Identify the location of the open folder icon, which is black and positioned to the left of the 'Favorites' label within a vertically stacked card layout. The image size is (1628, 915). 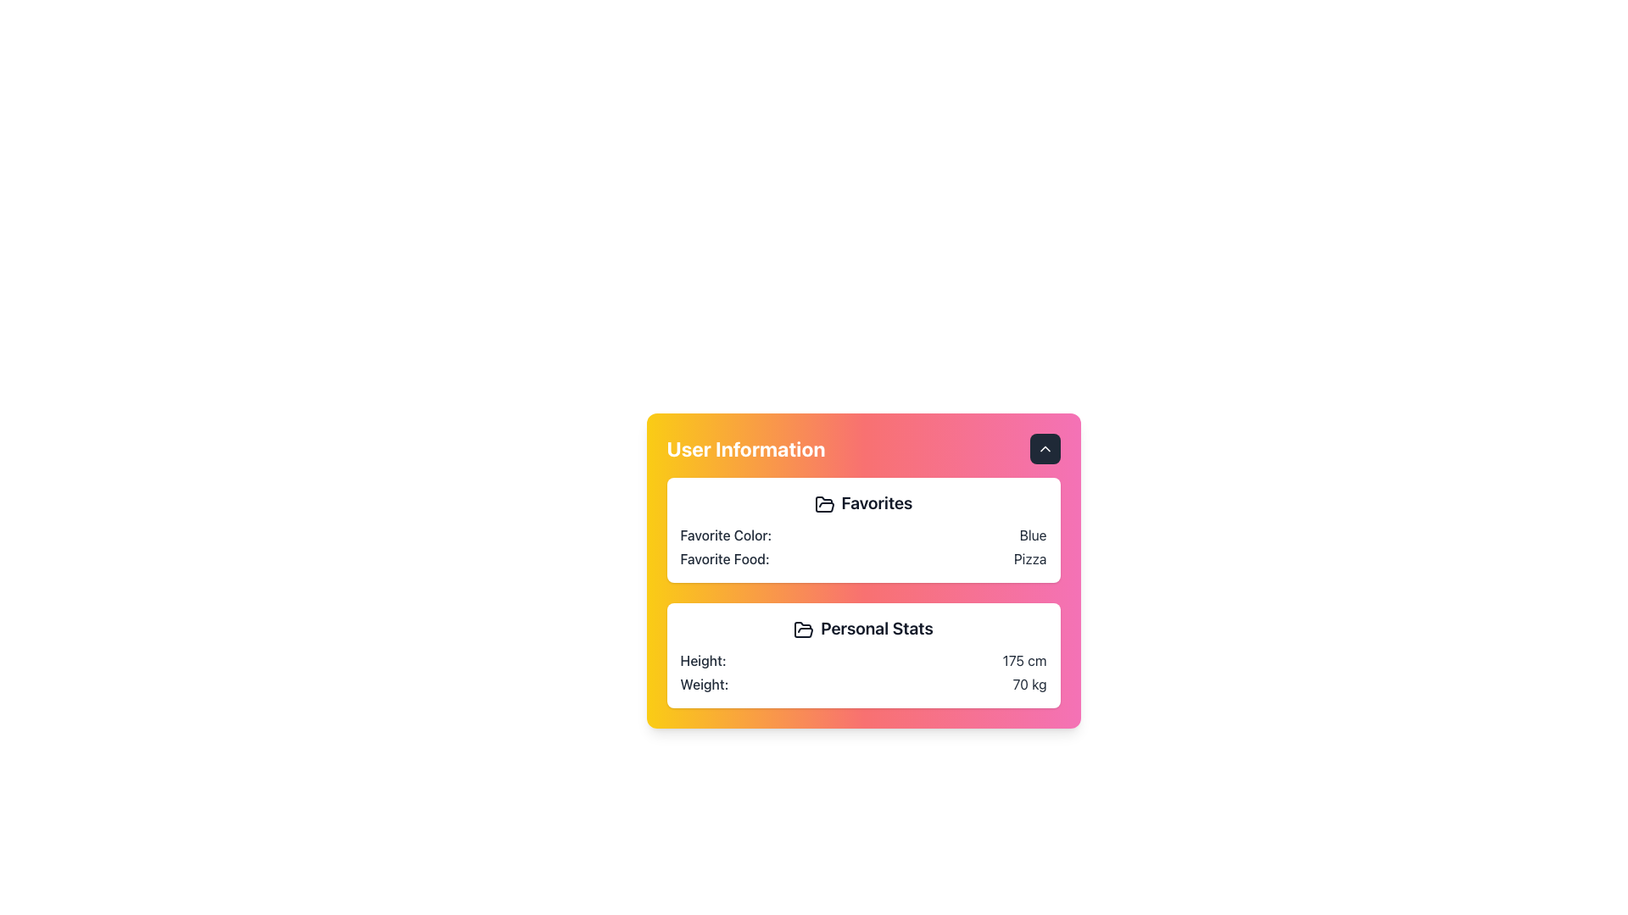
(803, 629).